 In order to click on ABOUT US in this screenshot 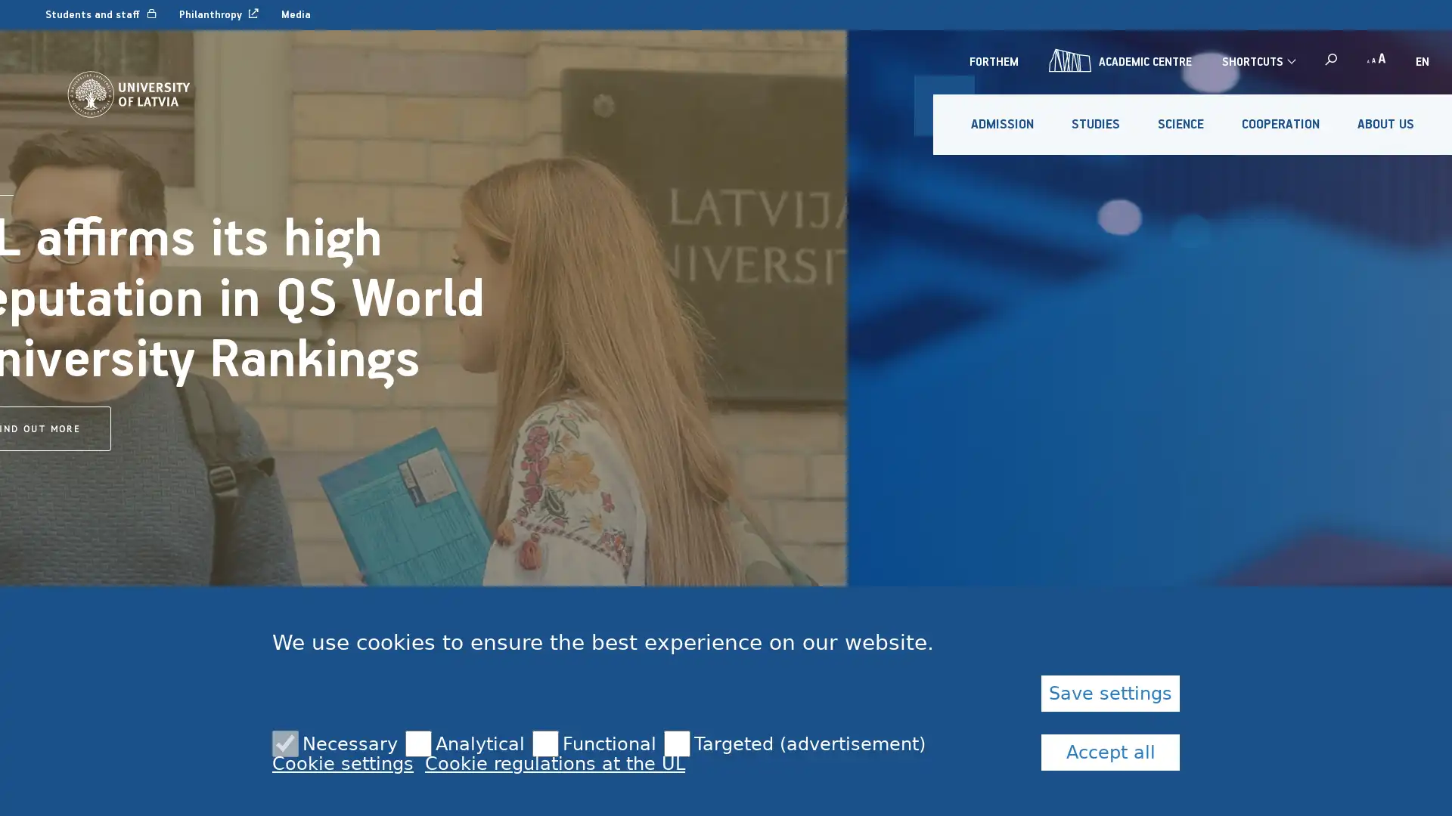, I will do `click(1385, 124)`.